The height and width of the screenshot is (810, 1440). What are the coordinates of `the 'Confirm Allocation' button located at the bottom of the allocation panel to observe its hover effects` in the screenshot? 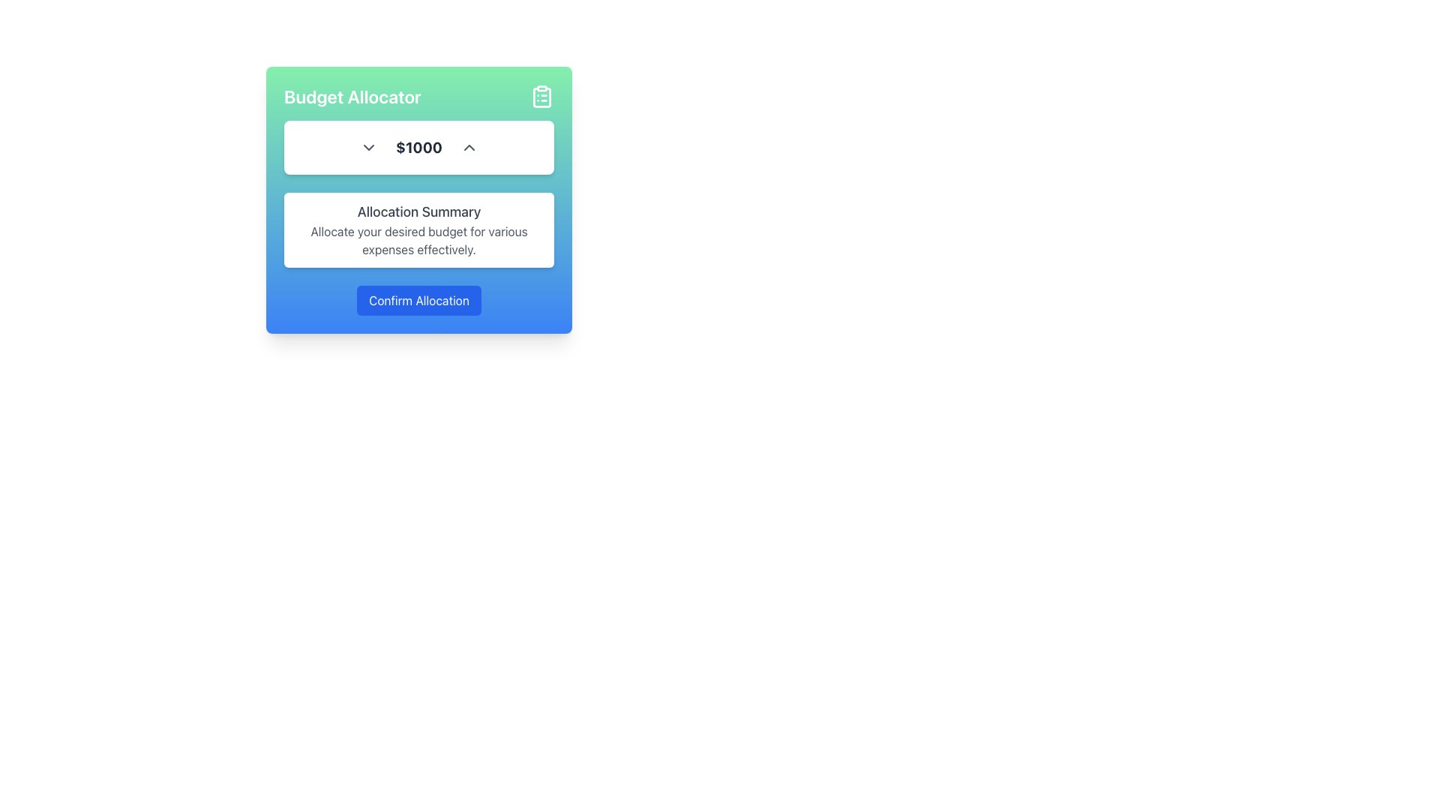 It's located at (418, 301).